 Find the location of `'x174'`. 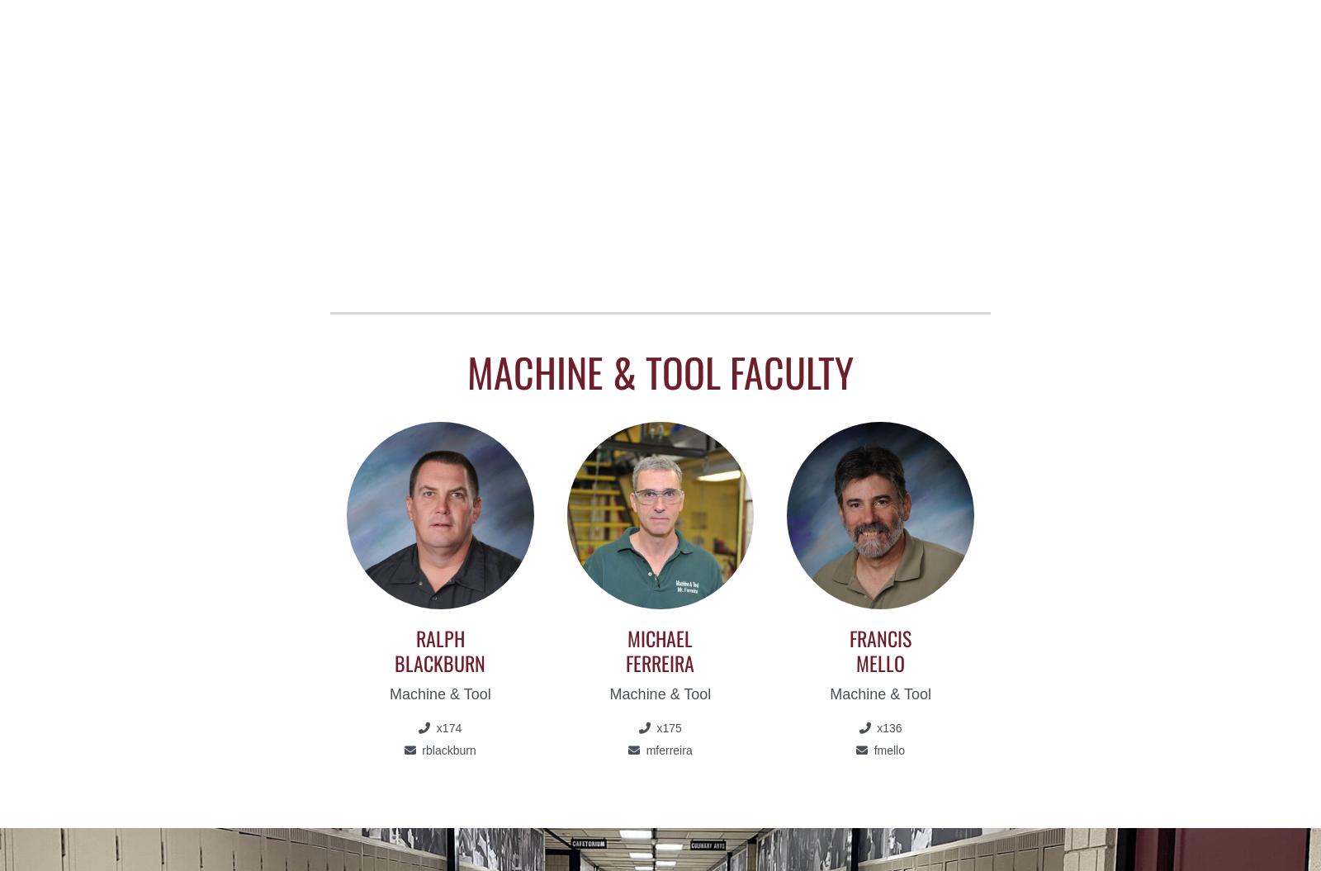

'x174' is located at coordinates (432, 727).